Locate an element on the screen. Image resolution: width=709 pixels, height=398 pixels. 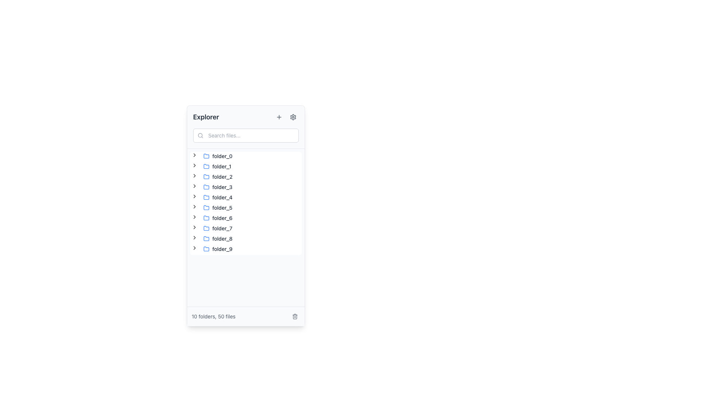
to select the Tree node element labeled 'folder_0' with a blue folder icon located under the 'Explorer' heading is located at coordinates (218, 156).